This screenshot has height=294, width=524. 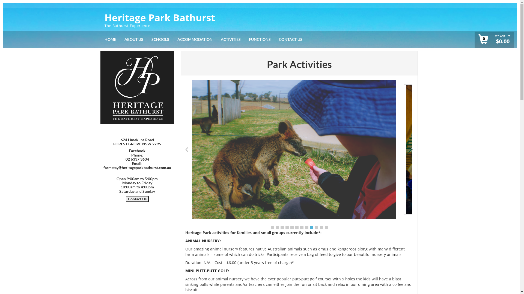 What do you see at coordinates (120, 39) in the screenshot?
I see `'ABOUT US'` at bounding box center [120, 39].